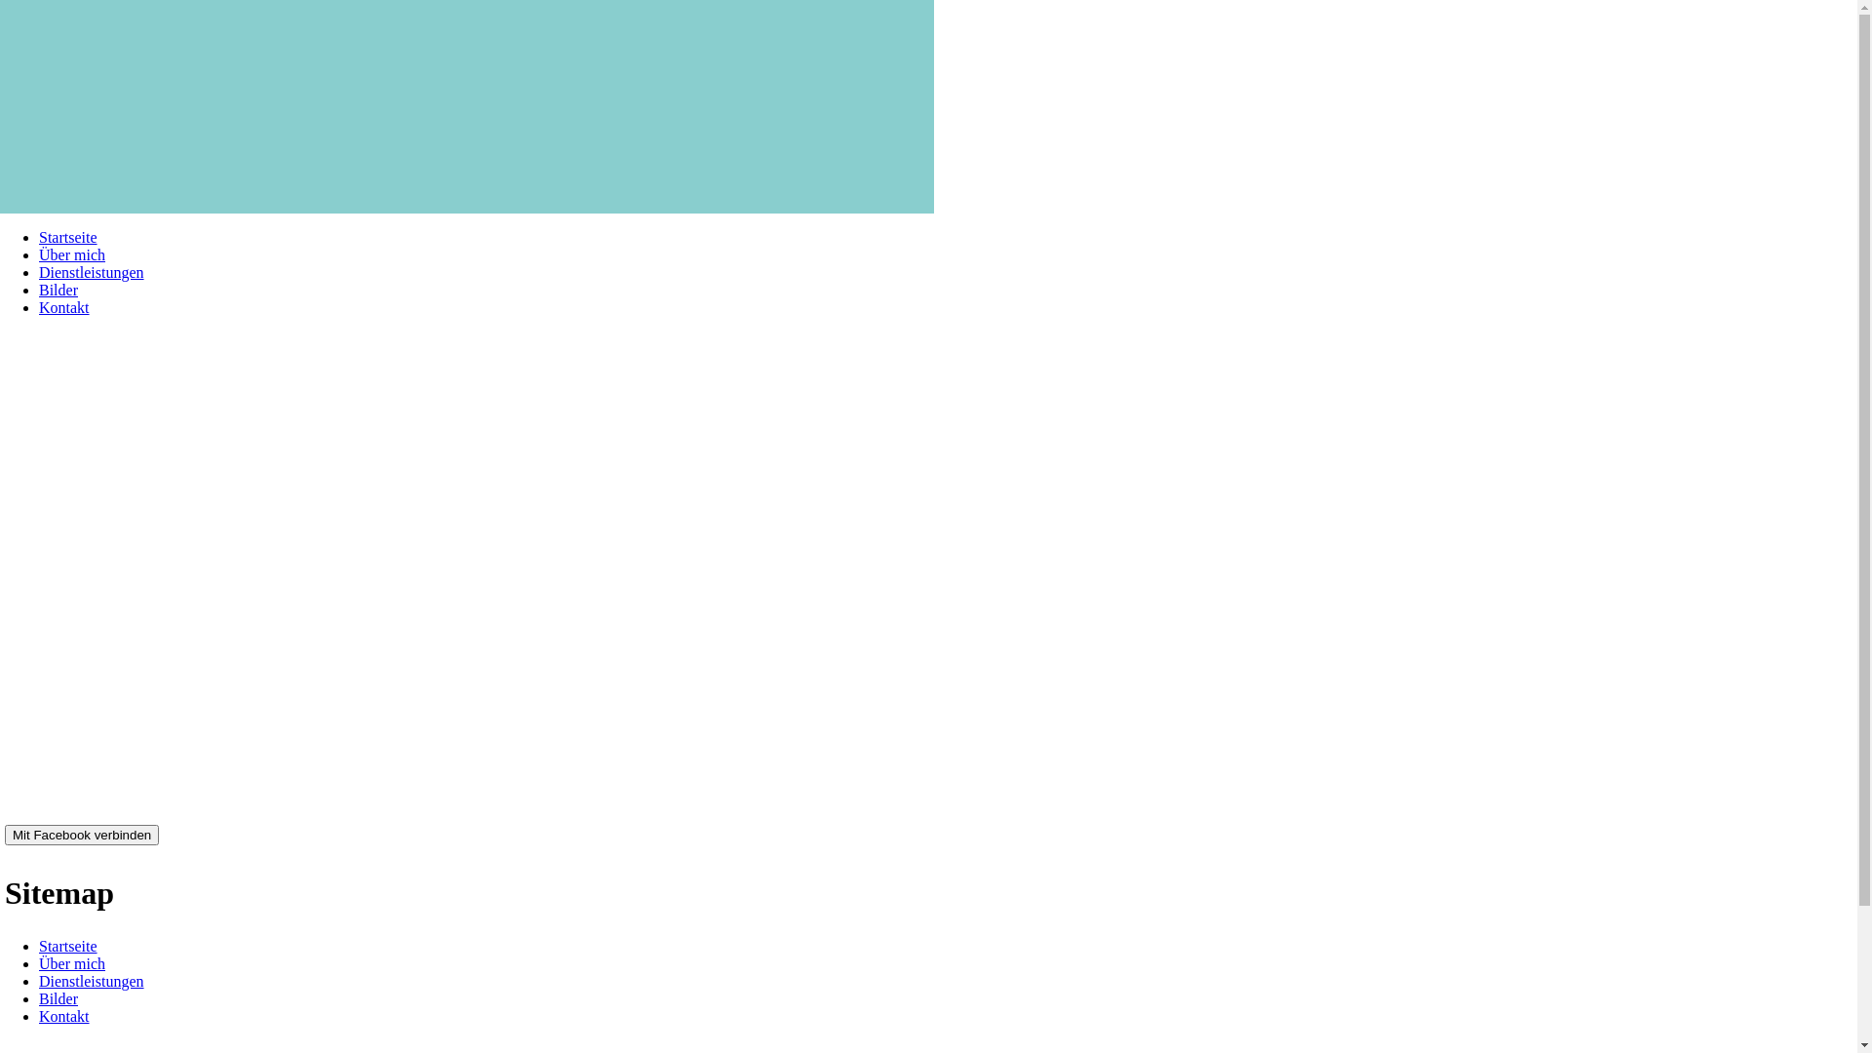 Image resolution: width=1872 pixels, height=1053 pixels. Describe the element at coordinates (38, 272) in the screenshot. I see `'Dienstleistungen'` at that location.